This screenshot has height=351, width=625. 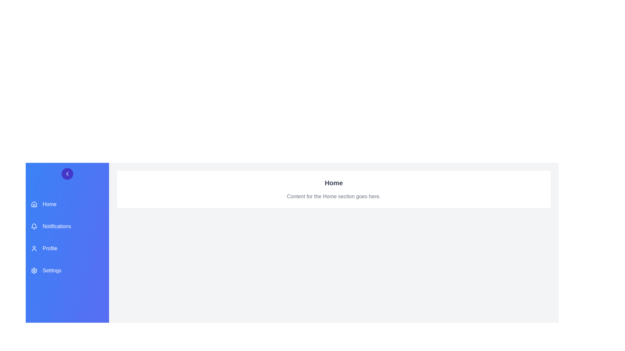 I want to click on the 'Home' static text label, which is displayed in white color within a blue sidebar, positioned adjacent to a house icon, so click(x=49, y=204).